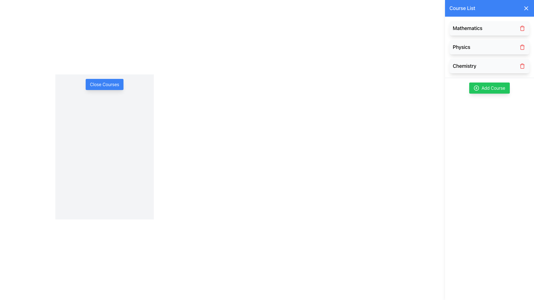 This screenshot has height=300, width=534. I want to click on the close button located at the top-right corner of the 'Course List' header to receive additional visual feedback, so click(526, 8).